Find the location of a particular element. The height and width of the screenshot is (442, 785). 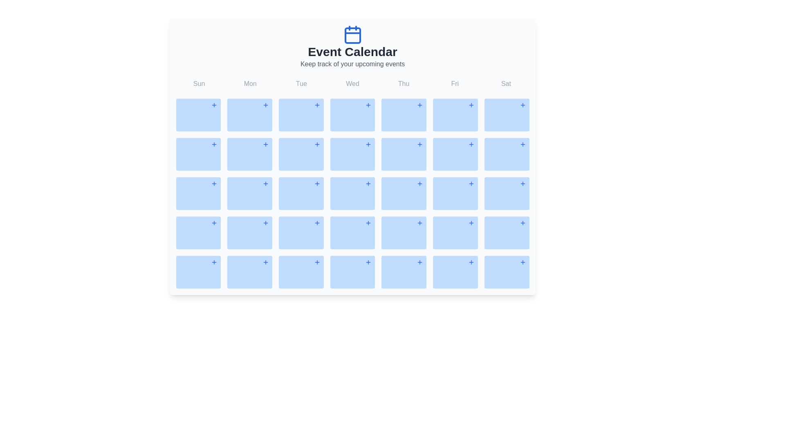

the button located in the top-right corner of the day cell under 'Thursday' to change its color is located at coordinates (420, 105).